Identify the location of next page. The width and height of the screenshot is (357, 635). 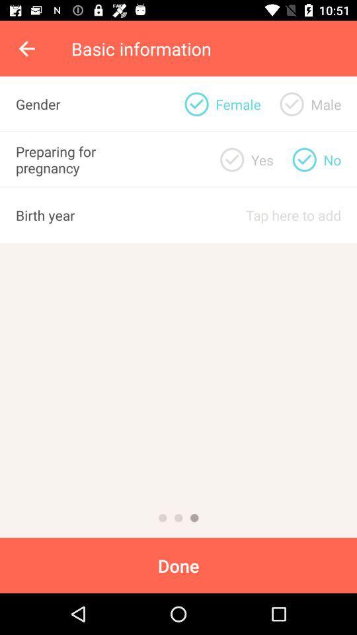
(194, 518).